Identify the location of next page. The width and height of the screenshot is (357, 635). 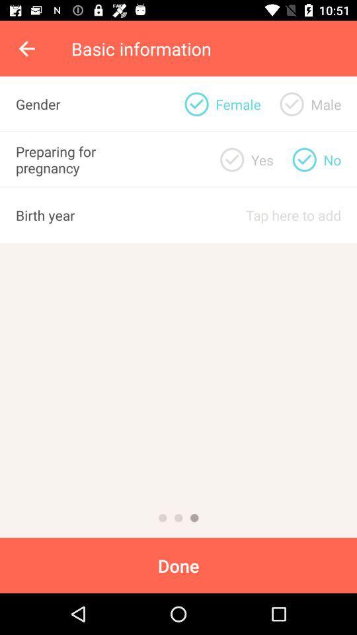
(194, 518).